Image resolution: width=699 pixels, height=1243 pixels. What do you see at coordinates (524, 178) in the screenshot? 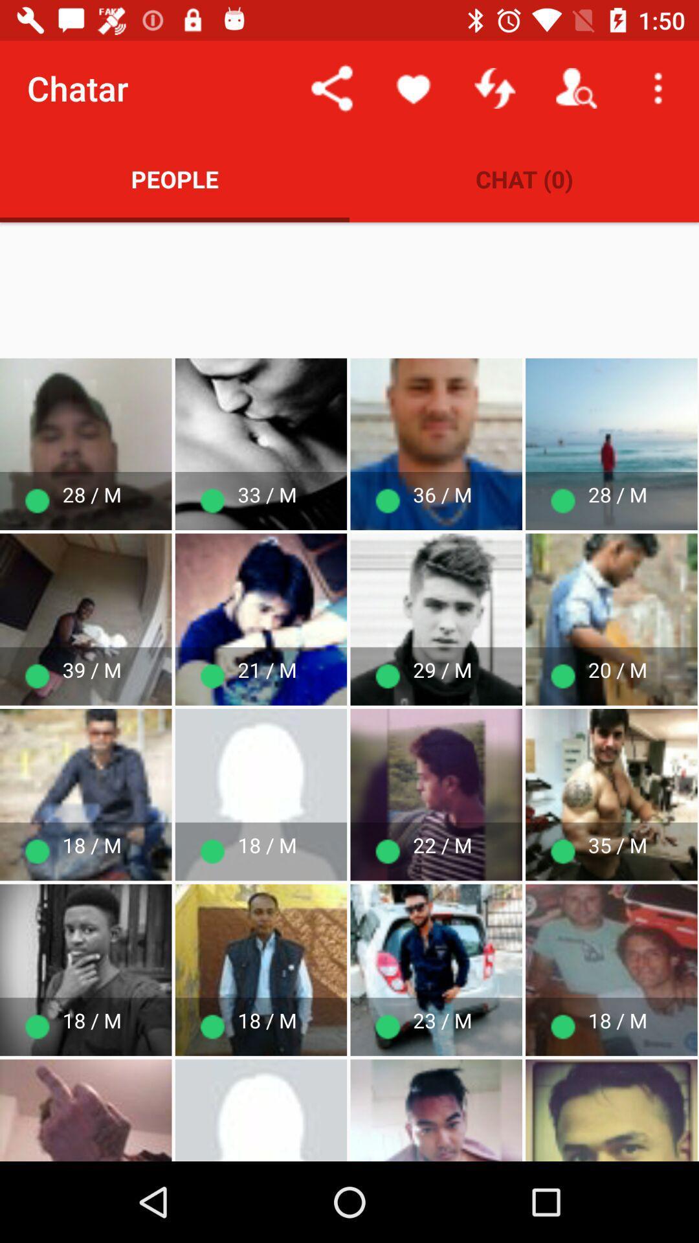
I see `the app next to the people icon` at bounding box center [524, 178].